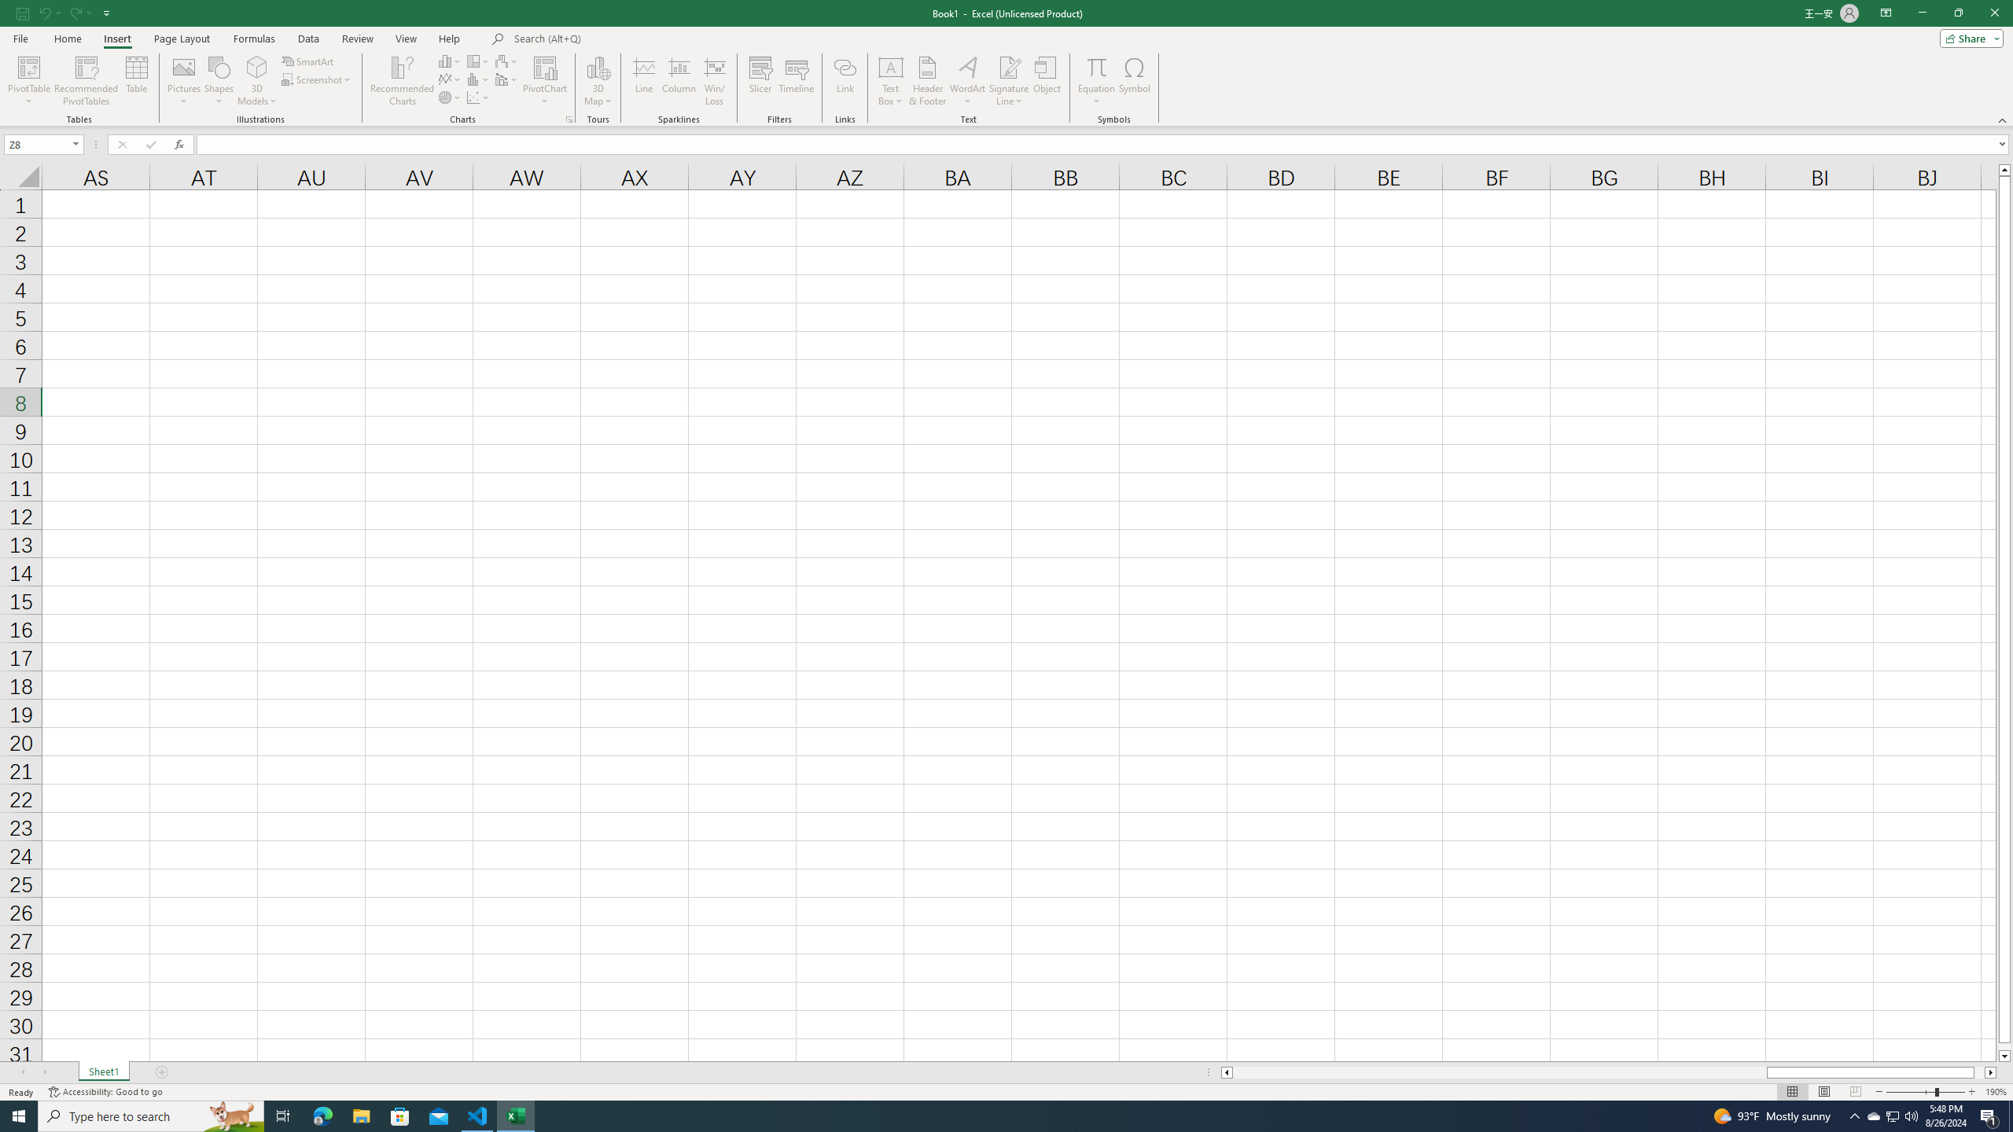 Image resolution: width=2013 pixels, height=1132 pixels. What do you see at coordinates (478, 61) in the screenshot?
I see `'Insert Hierarchy Chart'` at bounding box center [478, 61].